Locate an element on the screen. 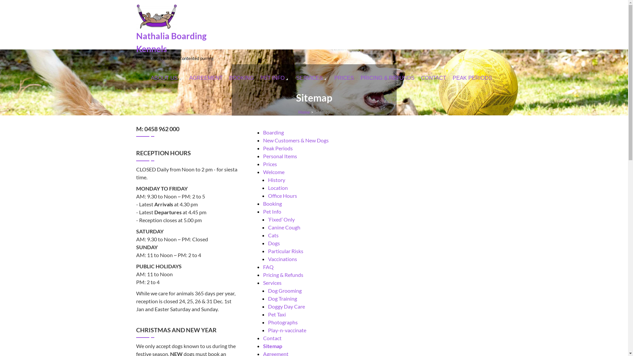  'History' is located at coordinates (277, 180).